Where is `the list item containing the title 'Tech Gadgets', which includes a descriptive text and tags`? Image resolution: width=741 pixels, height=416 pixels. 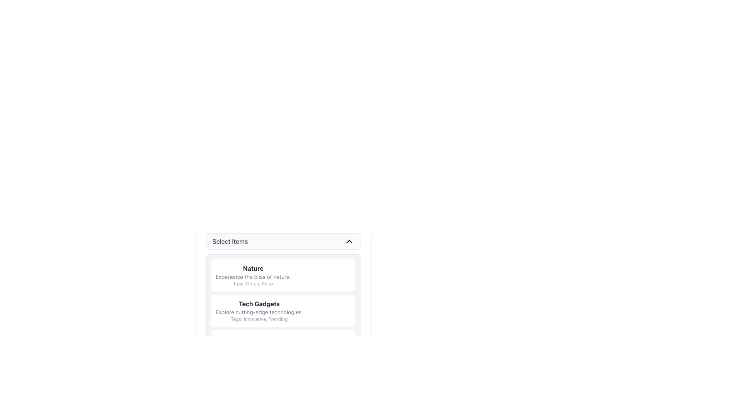 the list item containing the title 'Tech Gadgets', which includes a descriptive text and tags is located at coordinates (259, 310).